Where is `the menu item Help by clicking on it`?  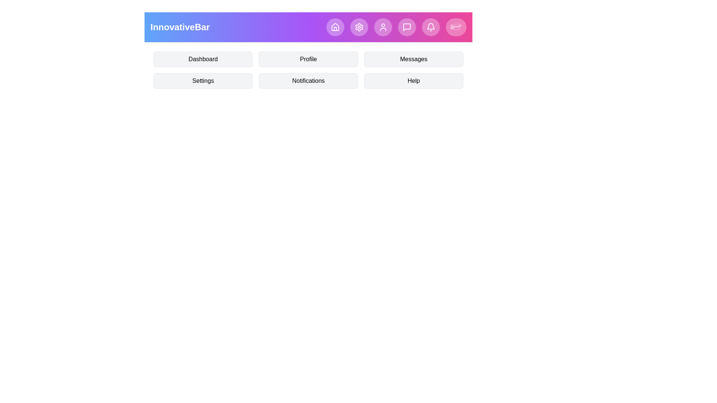
the menu item Help by clicking on it is located at coordinates (413, 81).